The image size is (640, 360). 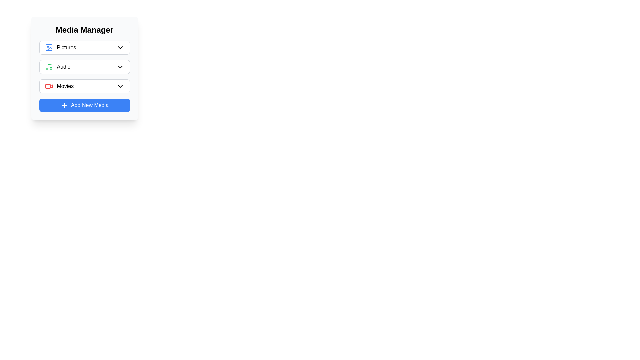 I want to click on the second item in the media category selector in the 'Media Manager' section, so click(x=84, y=68).